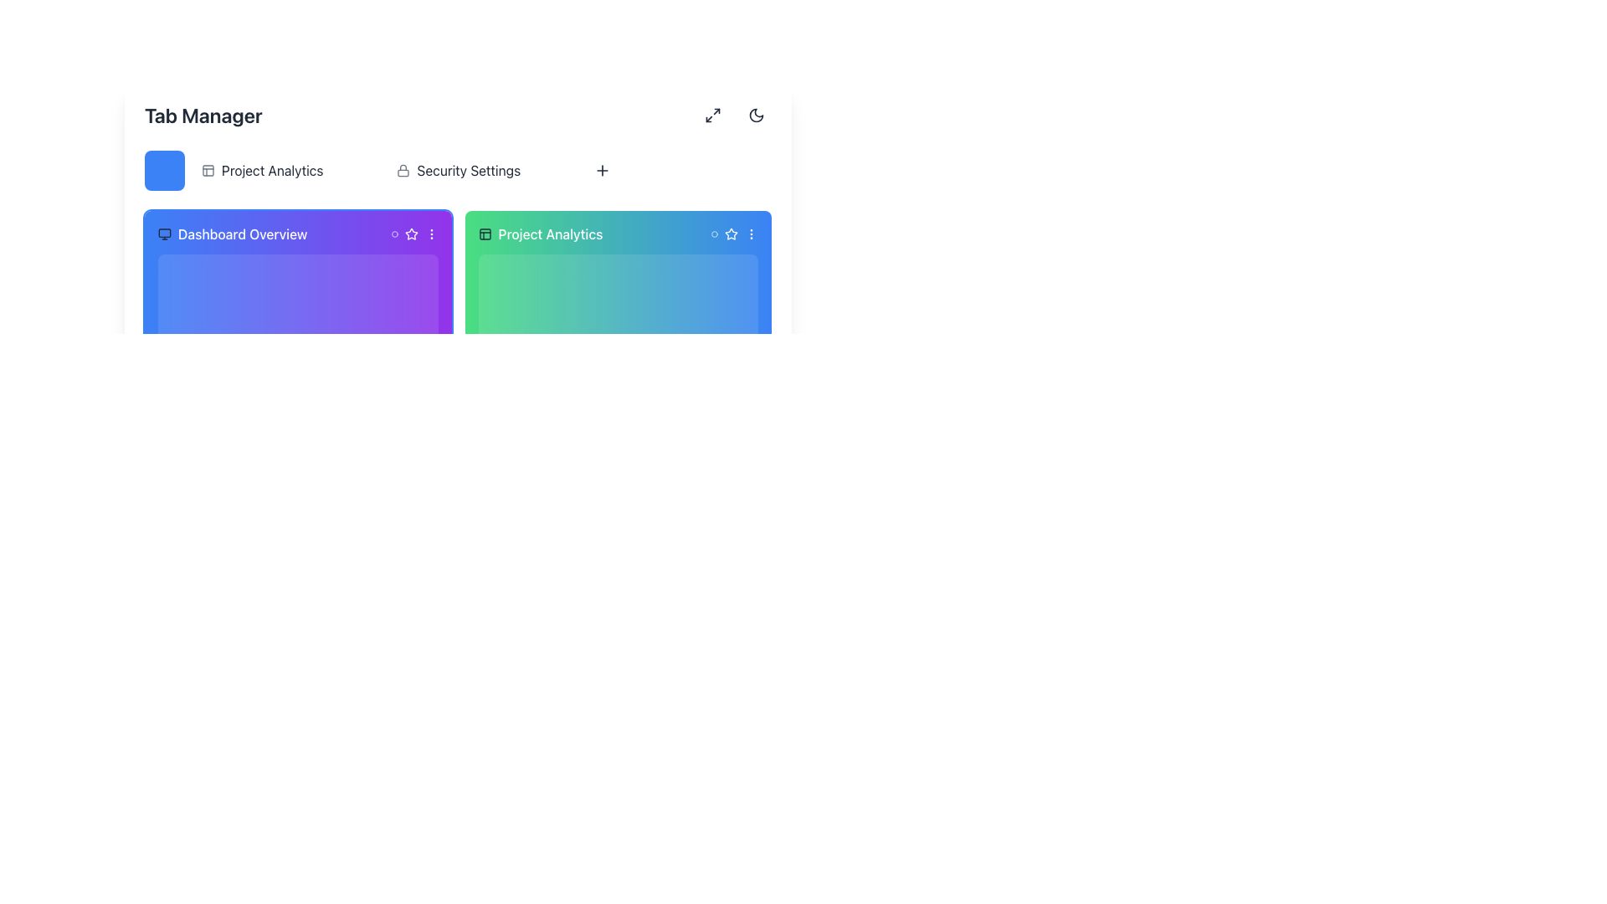  What do you see at coordinates (603, 171) in the screenshot?
I see `the plus icon located at the top right section of the interface` at bounding box center [603, 171].